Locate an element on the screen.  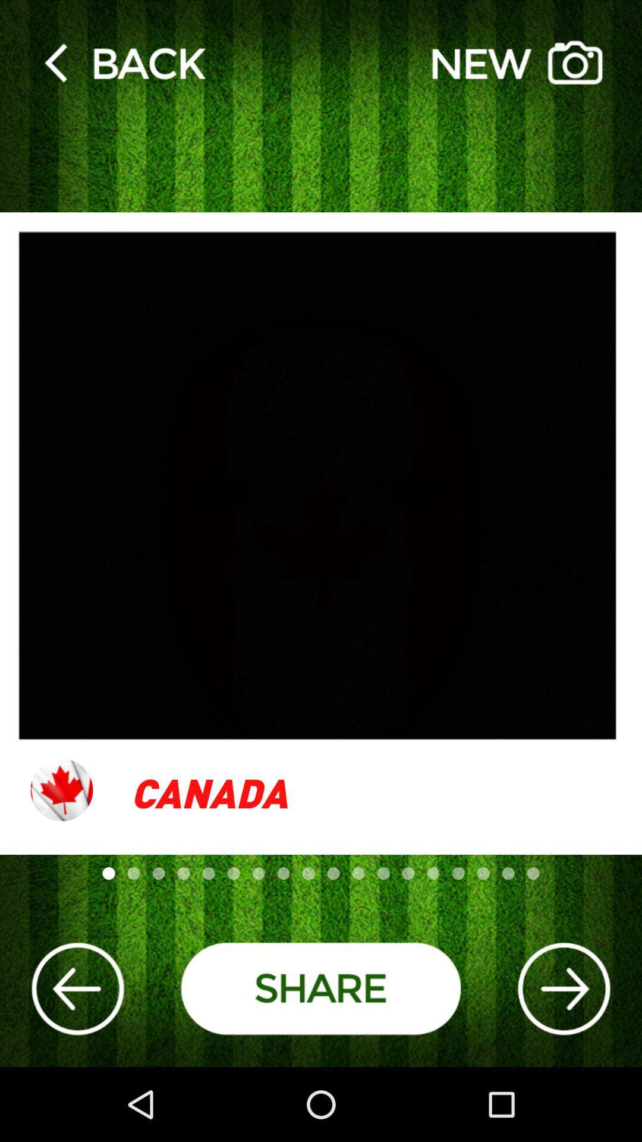
the arrow_forward icon is located at coordinates (563, 989).